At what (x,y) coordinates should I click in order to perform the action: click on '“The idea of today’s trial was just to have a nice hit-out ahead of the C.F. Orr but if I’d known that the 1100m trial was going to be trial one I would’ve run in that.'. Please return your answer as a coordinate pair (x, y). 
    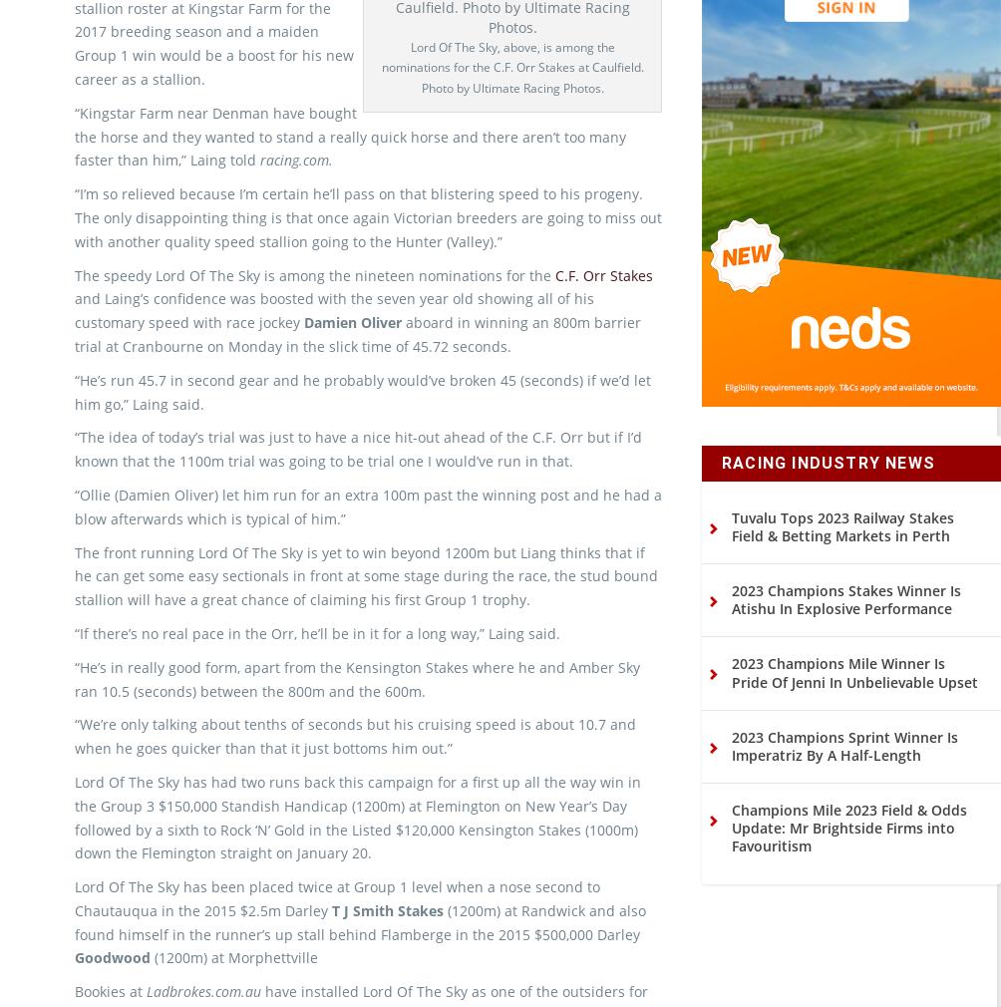
    Looking at the image, I should click on (358, 483).